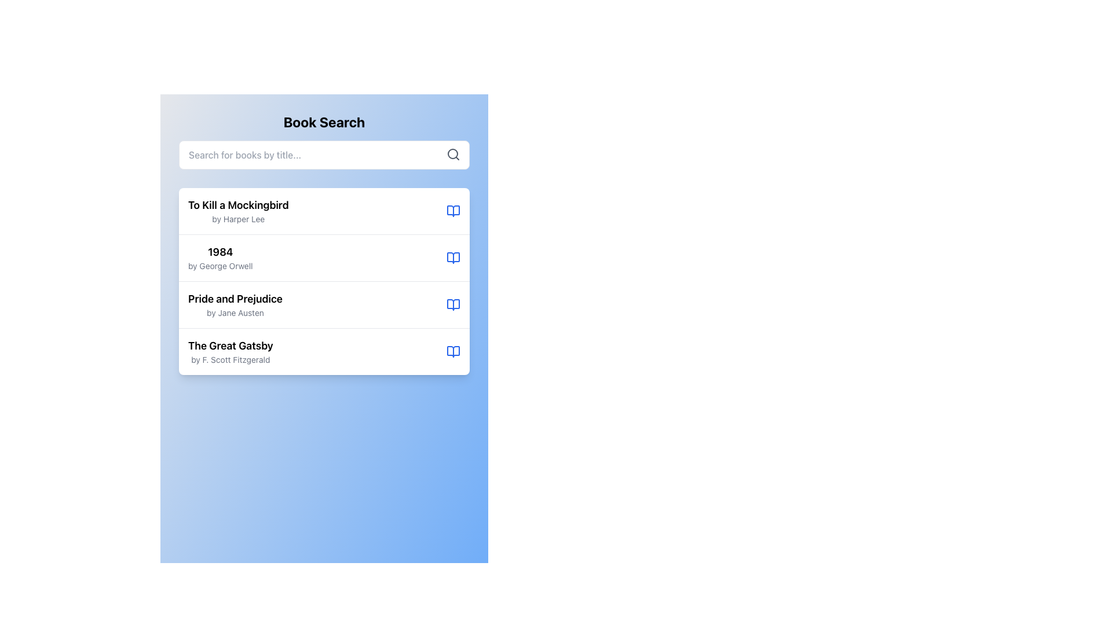  What do you see at coordinates (220, 258) in the screenshot?
I see `the text label displaying '1984' by George Orwell, which is the second item in the list of book titles, positioned below 'To Kill a Mockingbird'` at bounding box center [220, 258].